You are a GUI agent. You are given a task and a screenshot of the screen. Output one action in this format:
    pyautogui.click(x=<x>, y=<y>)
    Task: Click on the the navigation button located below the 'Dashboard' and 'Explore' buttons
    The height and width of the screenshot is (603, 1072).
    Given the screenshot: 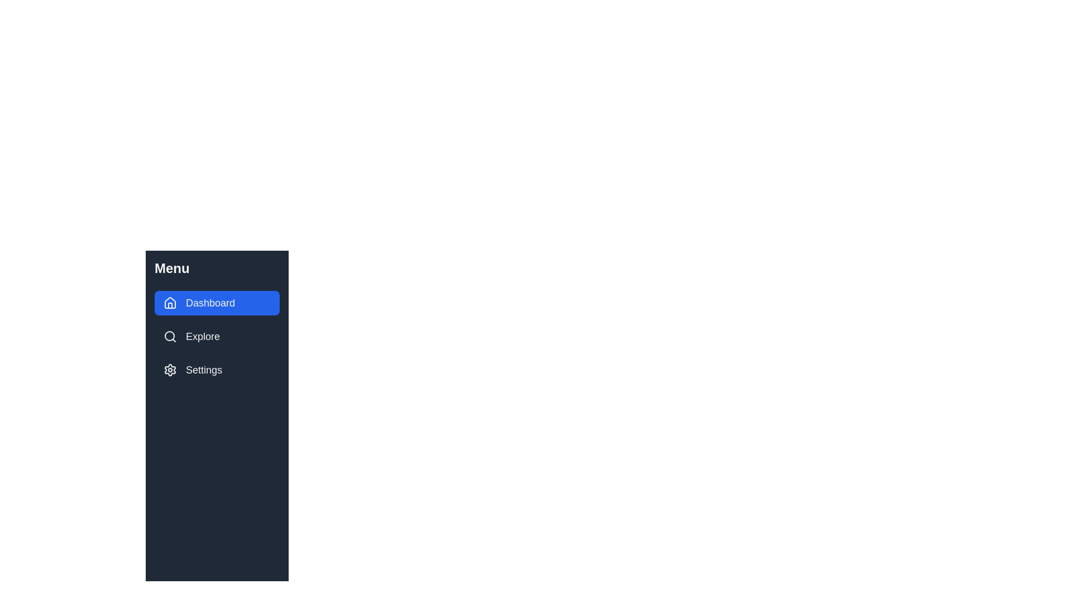 What is the action you would take?
    pyautogui.click(x=217, y=370)
    